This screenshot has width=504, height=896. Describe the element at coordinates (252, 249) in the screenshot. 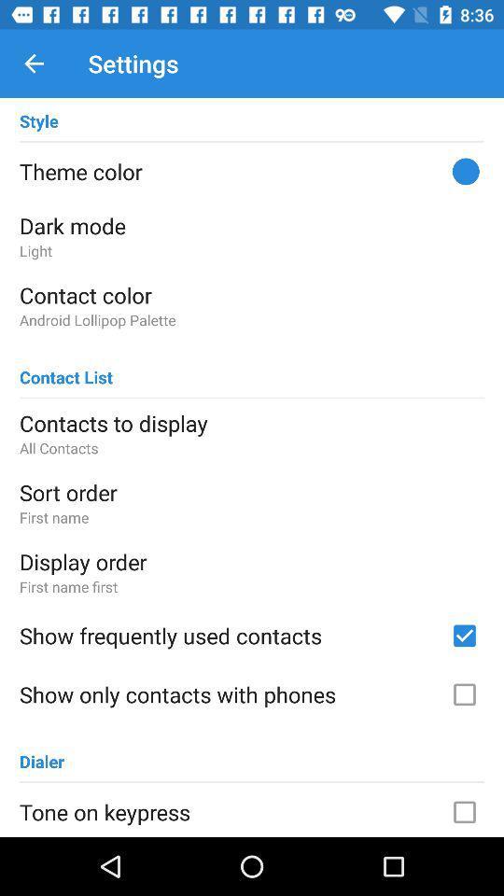

I see `the icon above the contact color icon` at that location.